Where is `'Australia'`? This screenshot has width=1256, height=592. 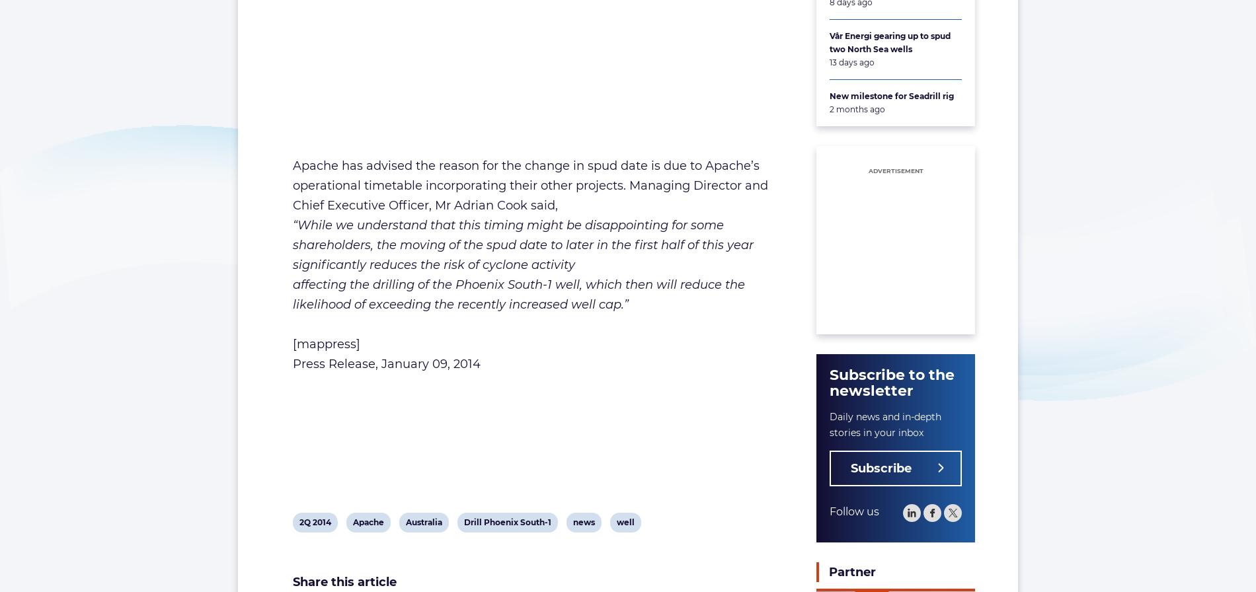
'Australia' is located at coordinates (423, 521).